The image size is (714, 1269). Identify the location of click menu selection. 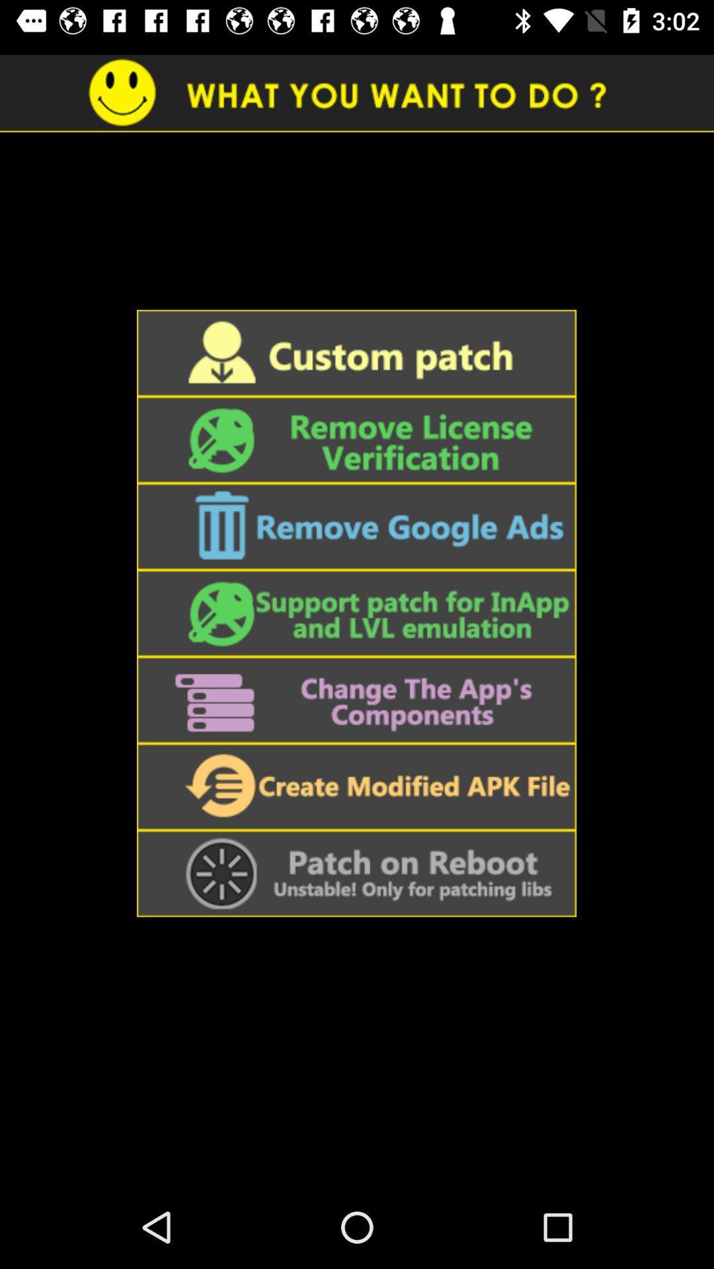
(356, 440).